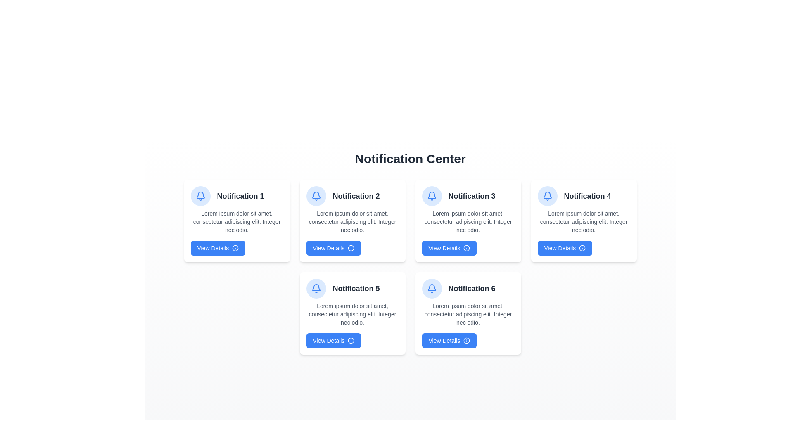 Image resolution: width=793 pixels, height=446 pixels. What do you see at coordinates (587, 196) in the screenshot?
I see `the text label UI component displaying 'Notification 4', which is styled in bold dark gray and is located in the top-right card of the notification grid` at bounding box center [587, 196].